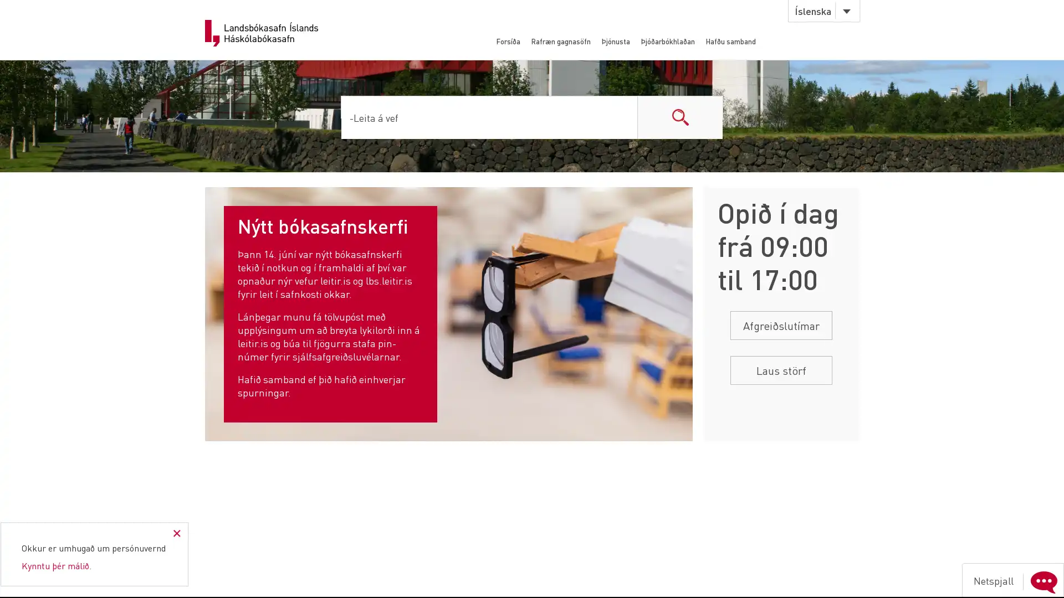 Image resolution: width=1064 pixels, height=598 pixels. I want to click on leita, so click(679, 117).